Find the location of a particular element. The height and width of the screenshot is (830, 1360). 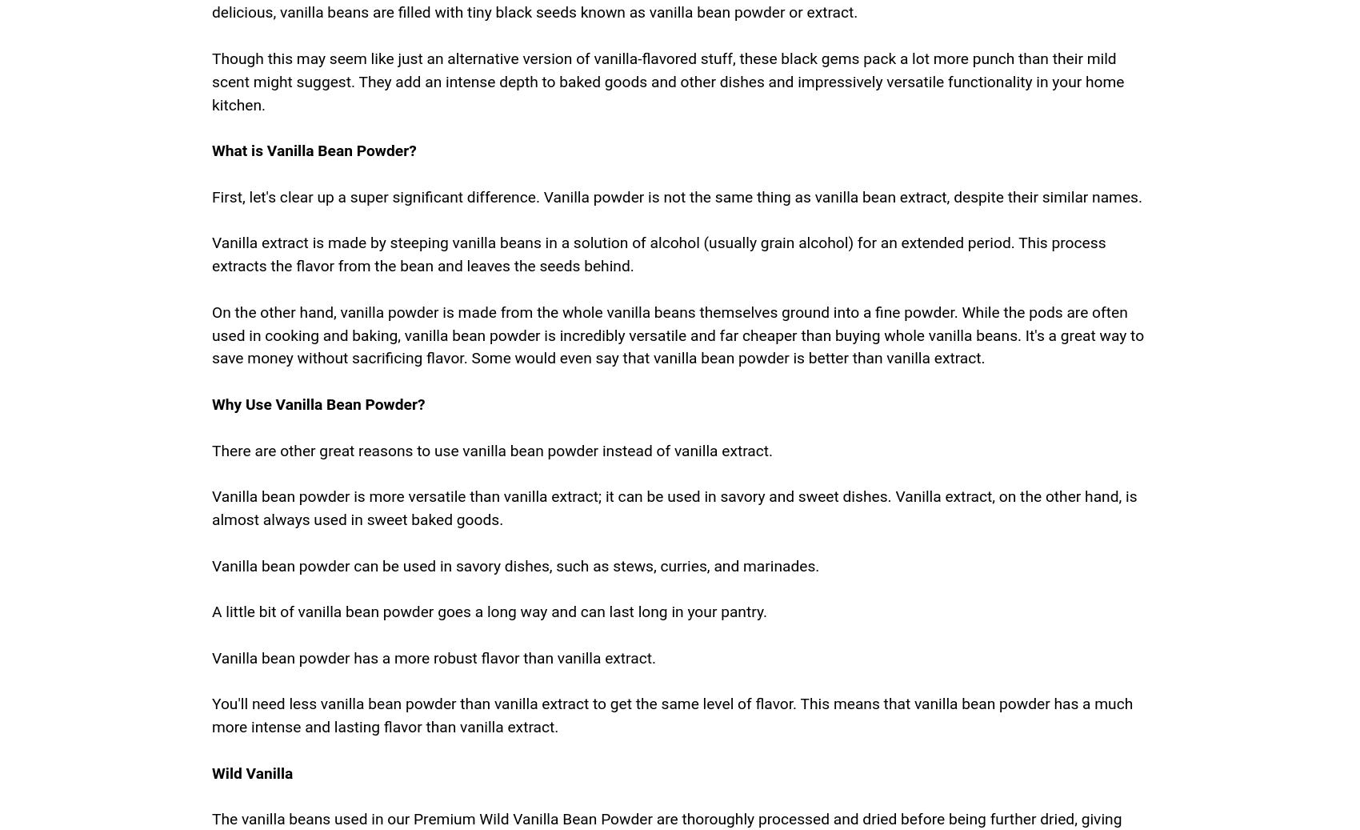

'Vanilla bean powder is more versatile than vanilla extract; it can be used in savory and sweet dishes. Vanilla extract, on the other hand, is almost always used in sweet baked goods.' is located at coordinates (674, 507).